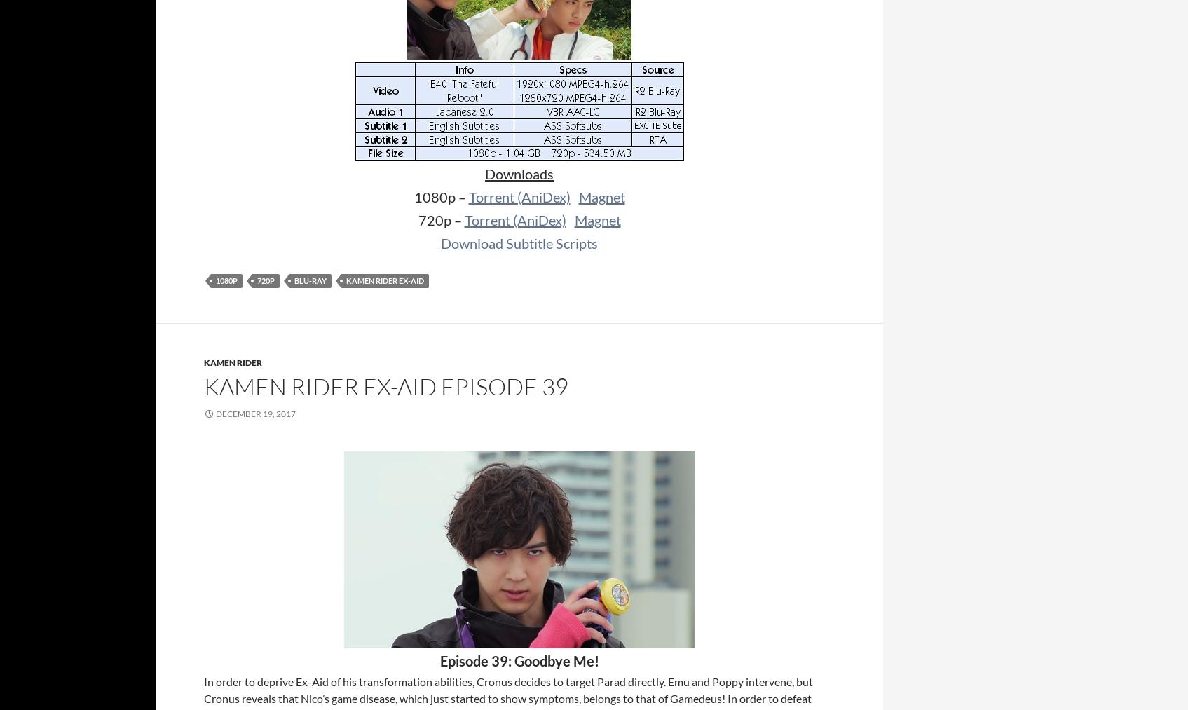  I want to click on '1080p –', so click(440, 196).